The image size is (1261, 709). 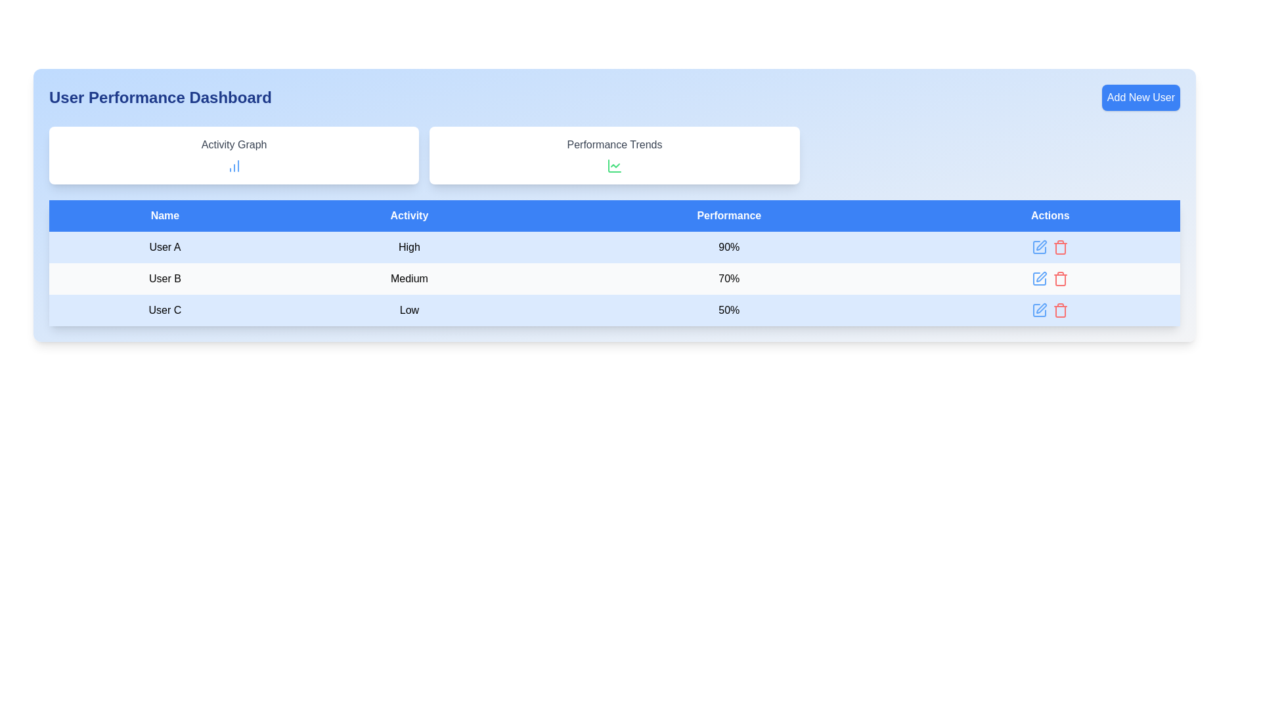 What do you see at coordinates (164, 311) in the screenshot?
I see `the static text label displaying 'User C' located in the first column of the last row in the table under the 'Name' column` at bounding box center [164, 311].